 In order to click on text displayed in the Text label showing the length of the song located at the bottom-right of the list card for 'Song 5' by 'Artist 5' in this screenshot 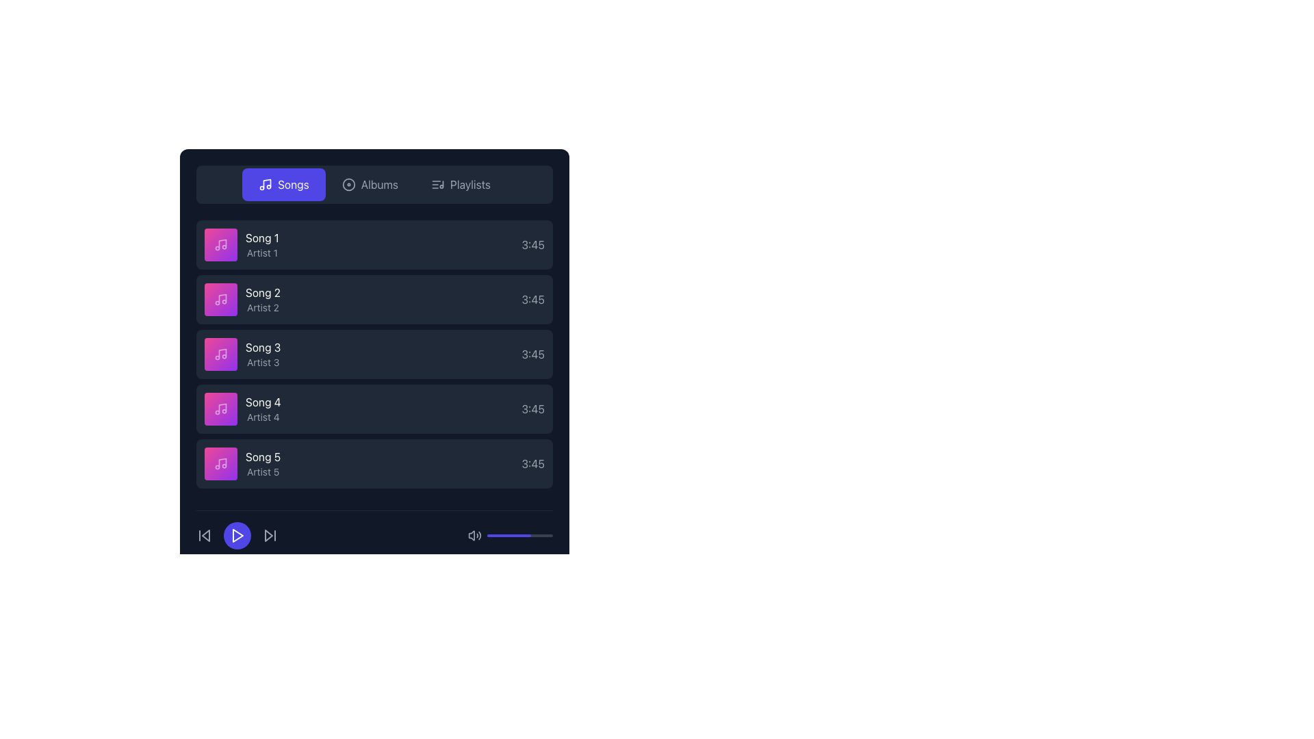, I will do `click(532, 463)`.